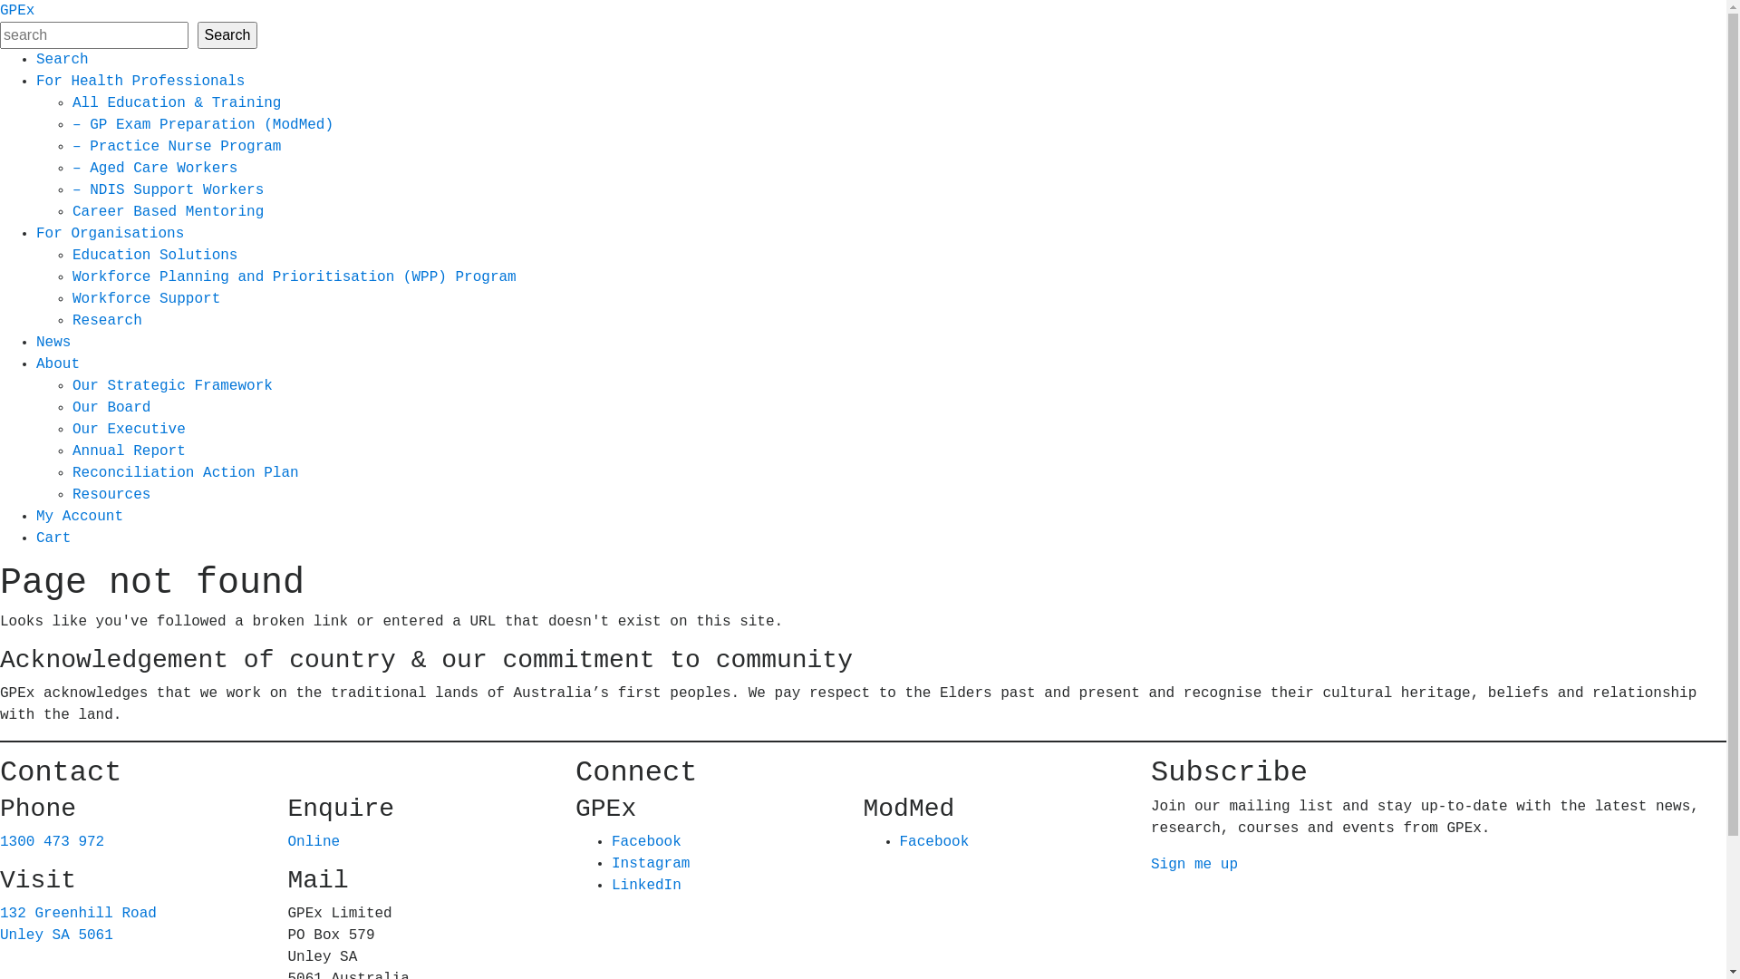 This screenshot has height=979, width=1740. What do you see at coordinates (186, 471) in the screenshot?
I see `'Reconciliation Action Plan'` at bounding box center [186, 471].